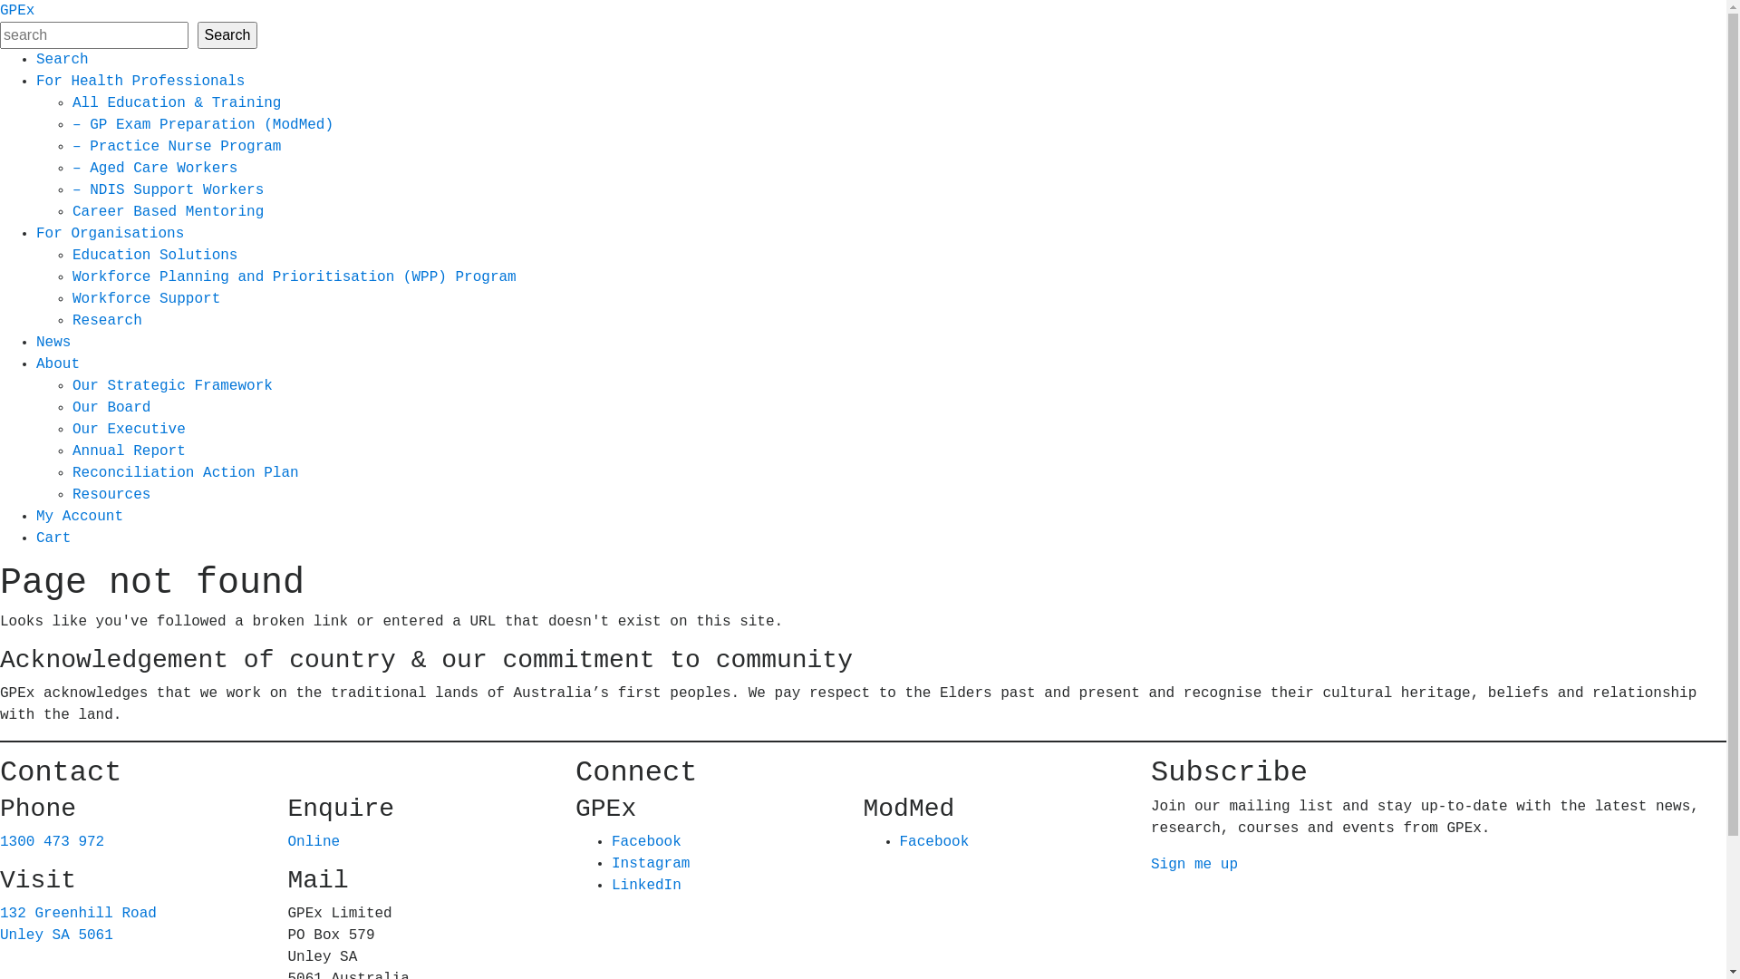 This screenshot has height=979, width=1740. What do you see at coordinates (186, 471) in the screenshot?
I see `'Reconciliation Action Plan'` at bounding box center [186, 471].